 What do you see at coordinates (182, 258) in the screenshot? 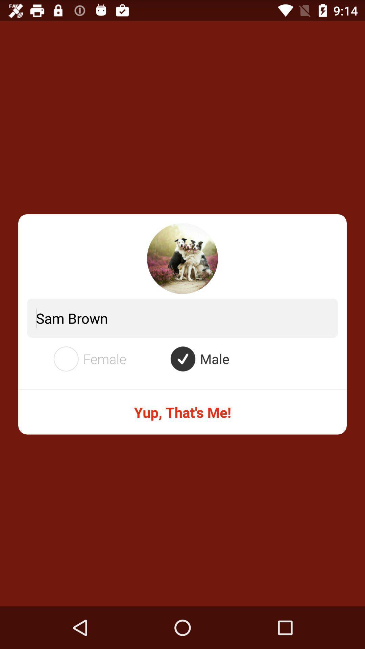
I see `change avatar` at bounding box center [182, 258].